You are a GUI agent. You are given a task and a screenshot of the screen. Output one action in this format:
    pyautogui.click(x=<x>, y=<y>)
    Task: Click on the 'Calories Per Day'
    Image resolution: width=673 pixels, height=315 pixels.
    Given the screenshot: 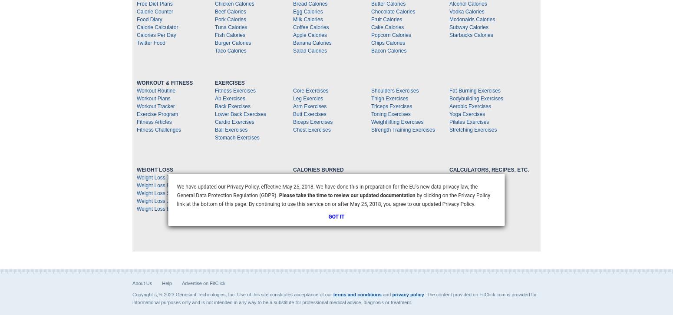 What is the action you would take?
    pyautogui.click(x=136, y=35)
    